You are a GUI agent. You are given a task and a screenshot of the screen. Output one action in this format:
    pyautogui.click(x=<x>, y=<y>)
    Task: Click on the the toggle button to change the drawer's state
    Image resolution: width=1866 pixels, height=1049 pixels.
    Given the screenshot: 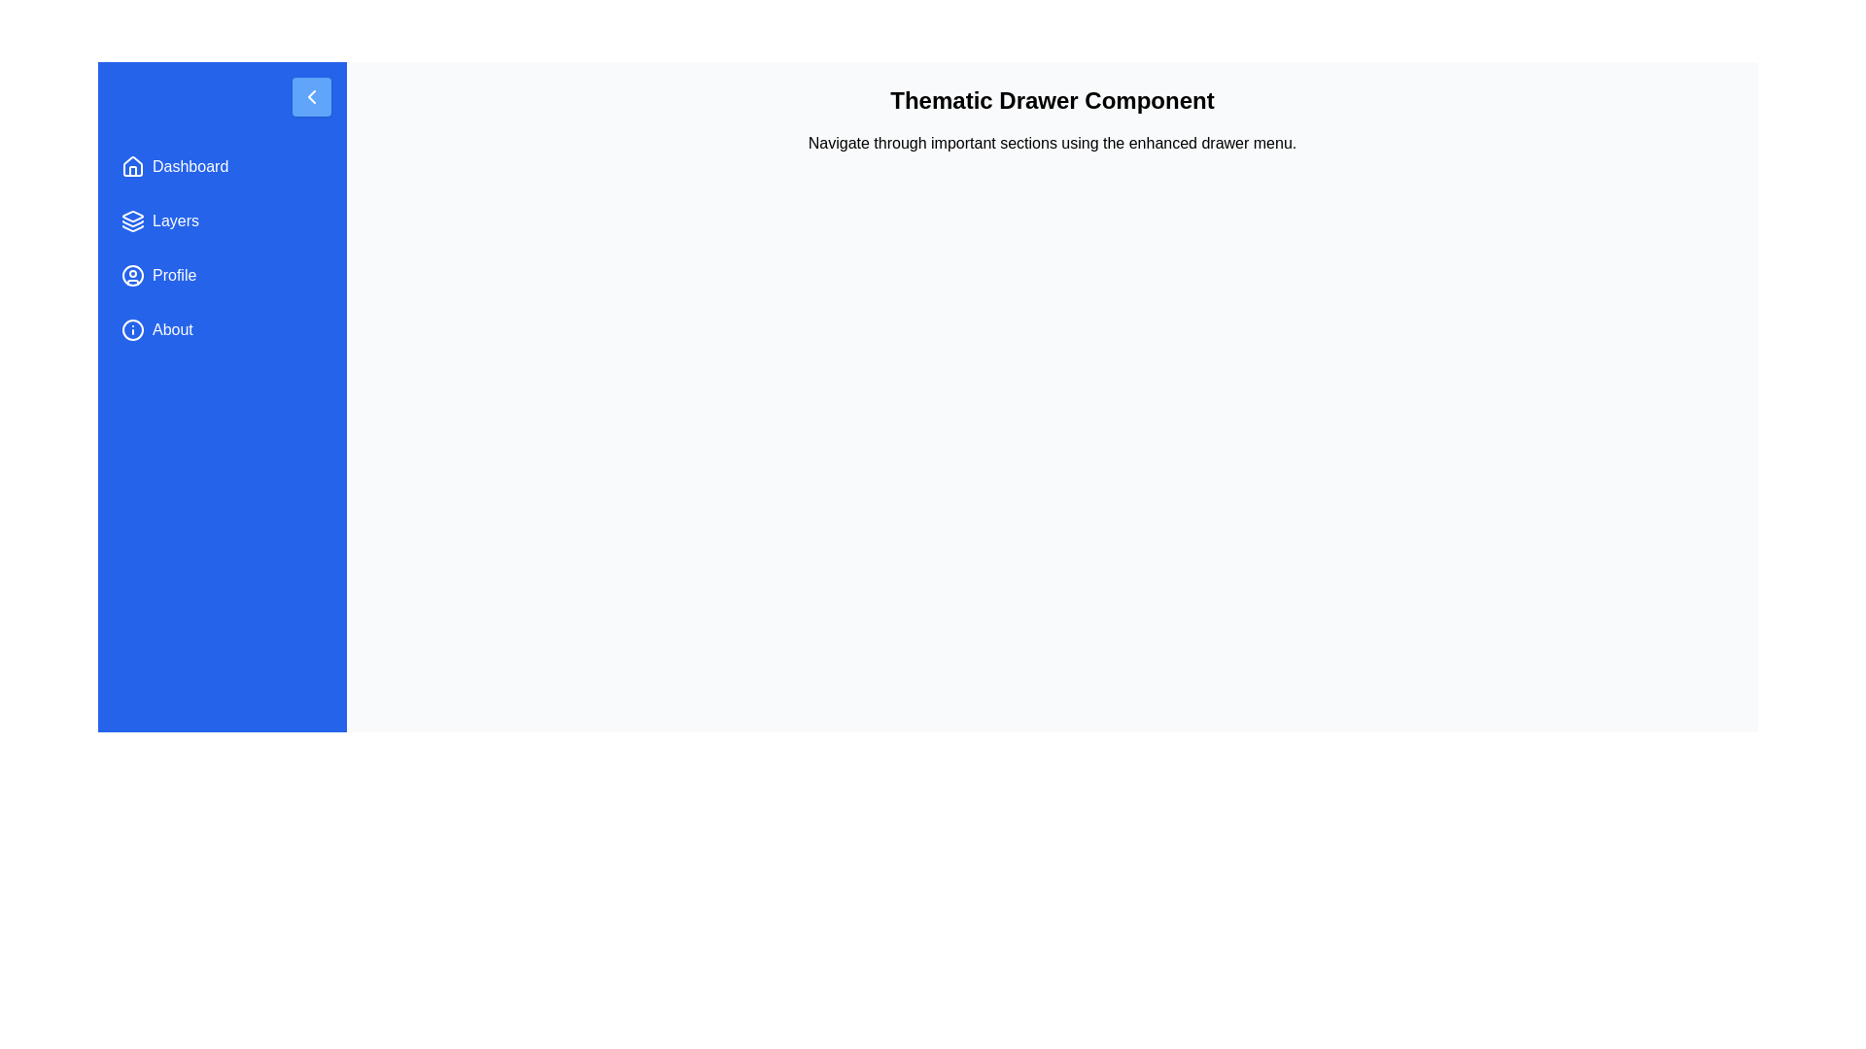 What is the action you would take?
    pyautogui.click(x=312, y=97)
    